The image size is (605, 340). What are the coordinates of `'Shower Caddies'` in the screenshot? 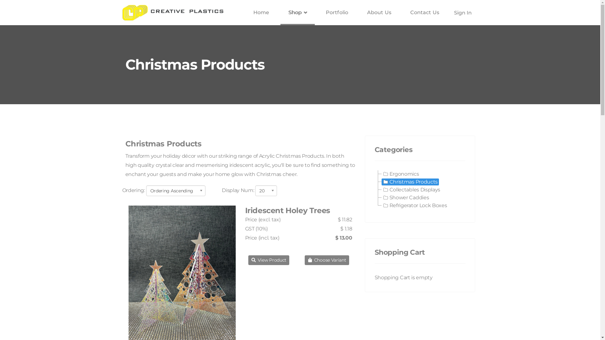 It's located at (406, 197).